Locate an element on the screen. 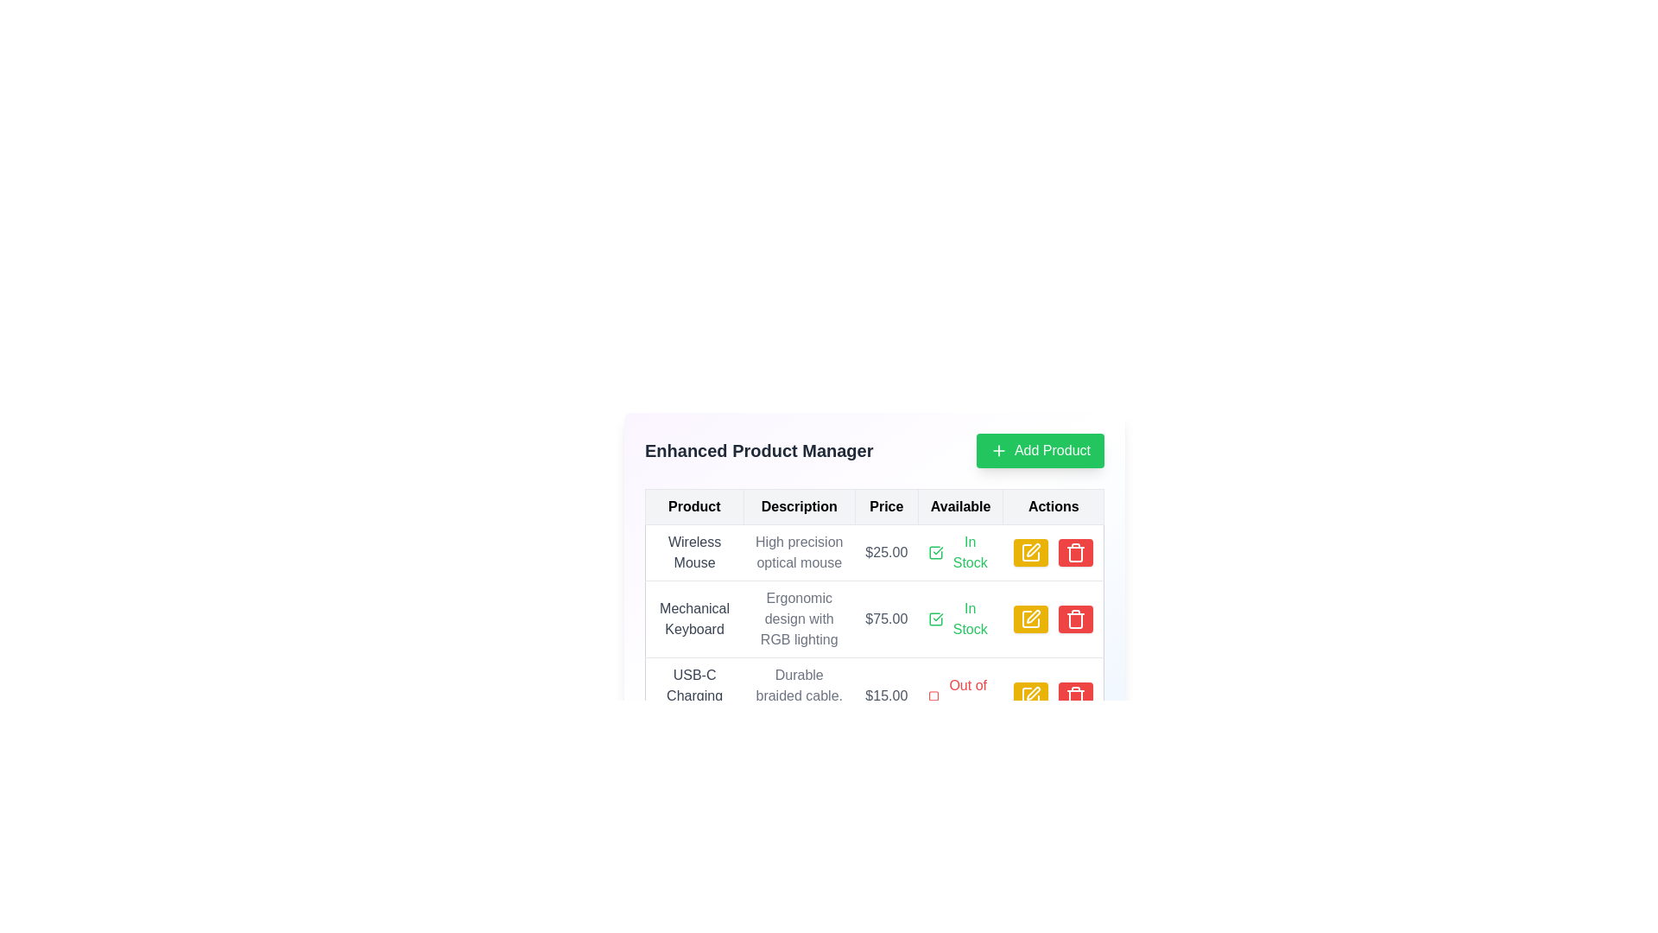  the edit icon resembling a pen inside a rounded yellow rectangular background in the 'Actions' column for the 'Mechanical Keyboard' product is located at coordinates (1031, 619).